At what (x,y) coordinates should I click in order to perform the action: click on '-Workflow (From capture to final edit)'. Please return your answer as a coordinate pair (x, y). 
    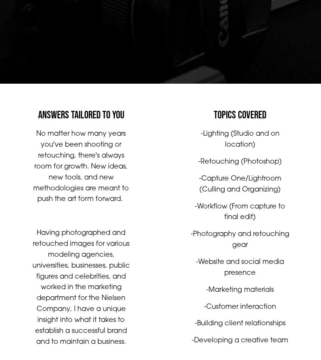
    Looking at the image, I should click on (241, 219).